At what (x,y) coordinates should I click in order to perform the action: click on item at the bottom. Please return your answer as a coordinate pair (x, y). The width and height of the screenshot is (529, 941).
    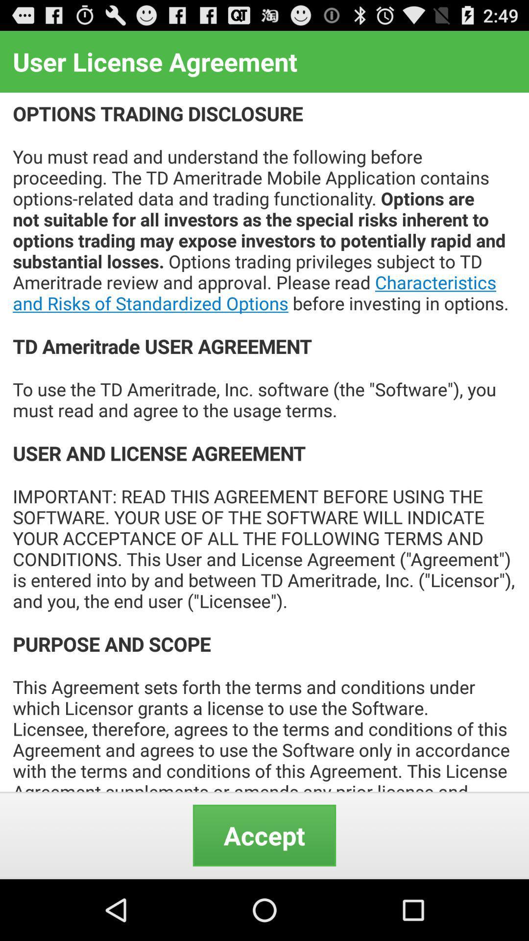
    Looking at the image, I should click on (264, 835).